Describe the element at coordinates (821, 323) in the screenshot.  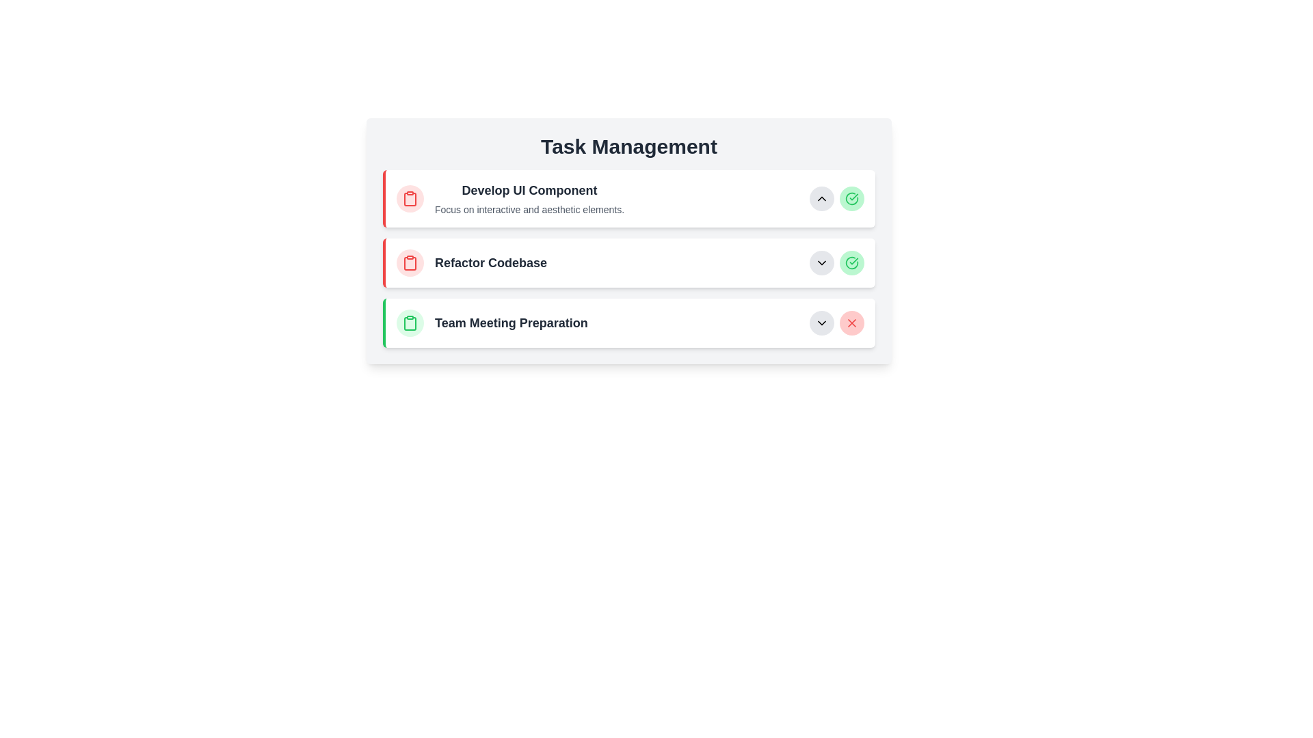
I see `the Dropdown toggle button, which is a downward-pointing chevron arrow icon enclosed within a light gray circular background, located at the bottom-right corner of the row for 'Team Meeting Preparation'` at that location.